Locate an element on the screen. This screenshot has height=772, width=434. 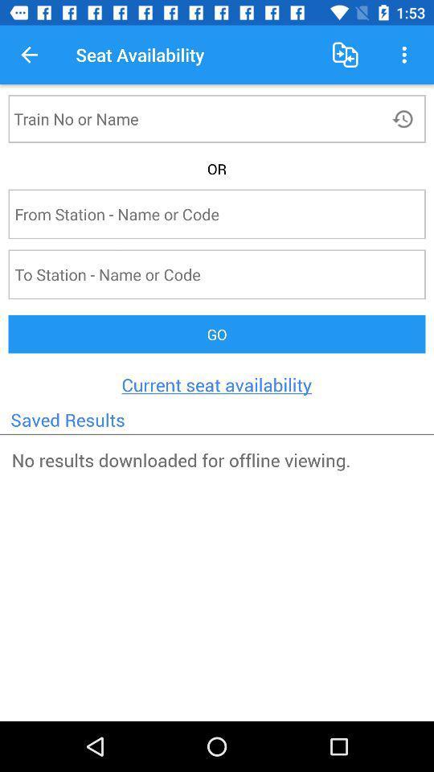
input starting station is located at coordinates (190, 213).